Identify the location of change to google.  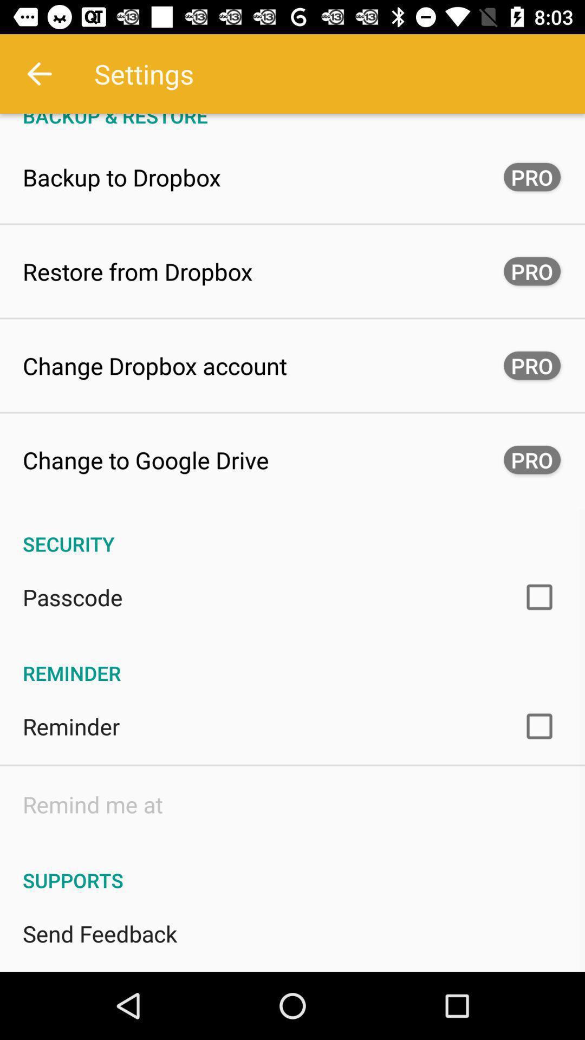
(145, 460).